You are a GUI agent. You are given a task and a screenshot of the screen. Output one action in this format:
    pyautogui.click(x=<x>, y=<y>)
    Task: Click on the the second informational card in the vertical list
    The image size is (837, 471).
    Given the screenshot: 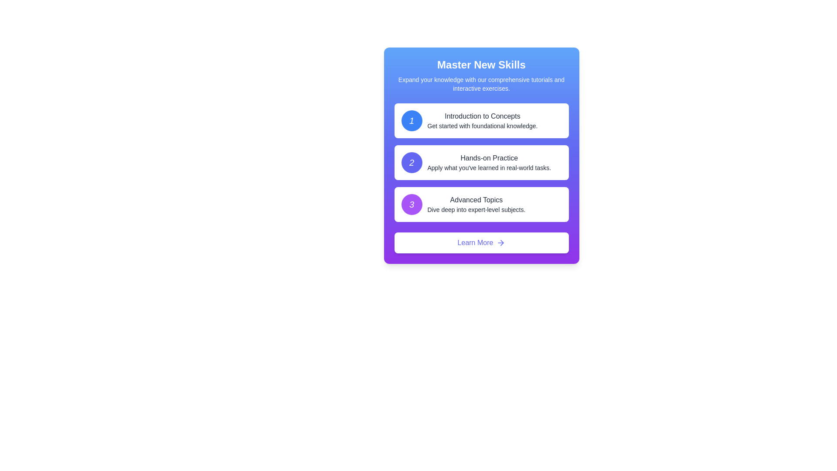 What is the action you would take?
    pyautogui.click(x=481, y=163)
    